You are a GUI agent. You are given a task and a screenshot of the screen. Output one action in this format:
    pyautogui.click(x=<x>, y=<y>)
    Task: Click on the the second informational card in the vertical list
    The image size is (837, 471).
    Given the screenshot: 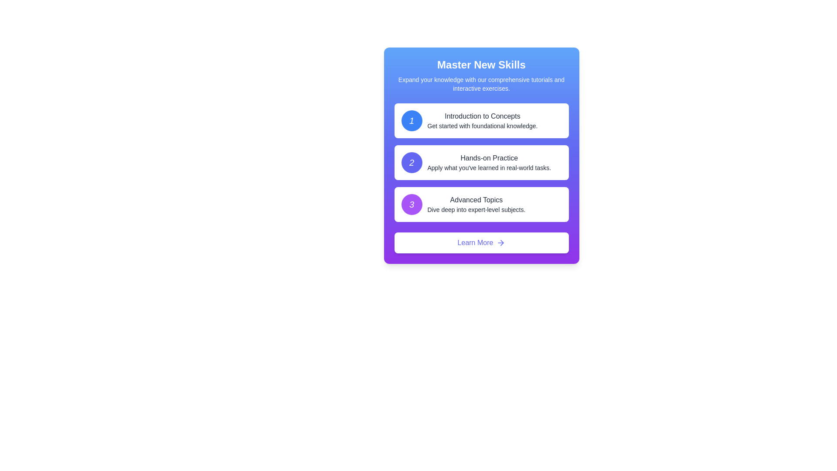 What is the action you would take?
    pyautogui.click(x=481, y=163)
    